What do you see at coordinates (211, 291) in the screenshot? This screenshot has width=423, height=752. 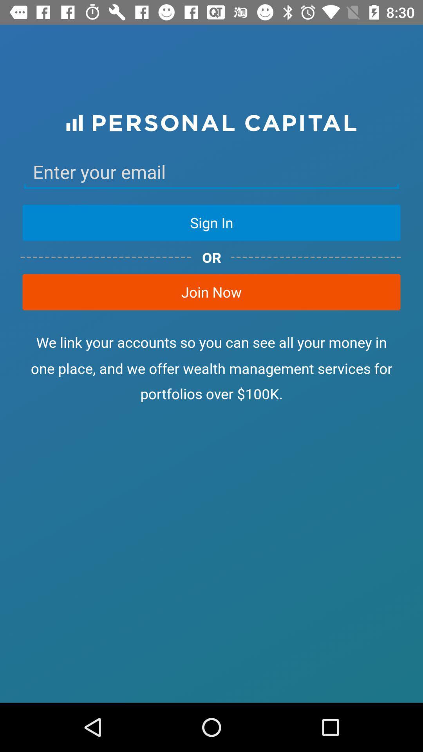 I see `item below or item` at bounding box center [211, 291].